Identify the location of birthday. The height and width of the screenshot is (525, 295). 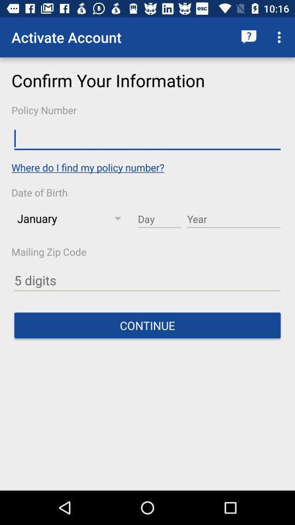
(159, 219).